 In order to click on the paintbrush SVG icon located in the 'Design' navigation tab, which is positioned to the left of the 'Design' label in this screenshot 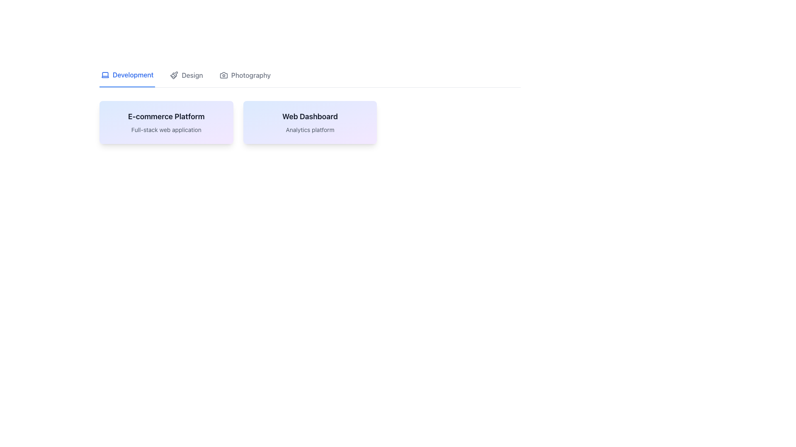, I will do `click(174, 75)`.